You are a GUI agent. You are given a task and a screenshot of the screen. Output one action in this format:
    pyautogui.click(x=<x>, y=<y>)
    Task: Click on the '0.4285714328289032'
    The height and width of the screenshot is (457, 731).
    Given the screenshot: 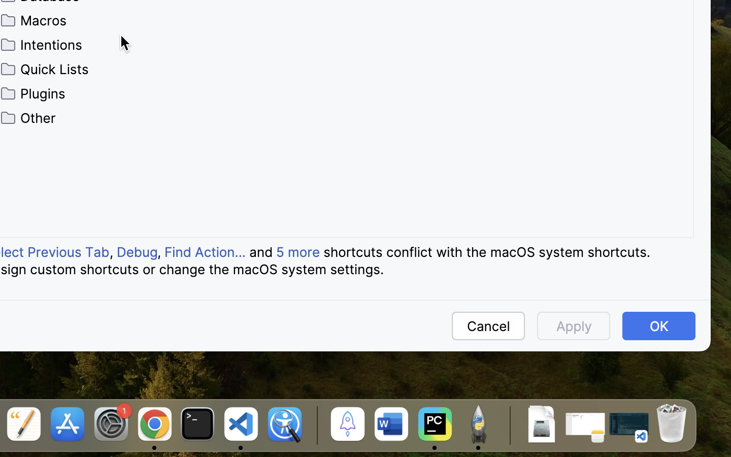 What is the action you would take?
    pyautogui.click(x=315, y=425)
    